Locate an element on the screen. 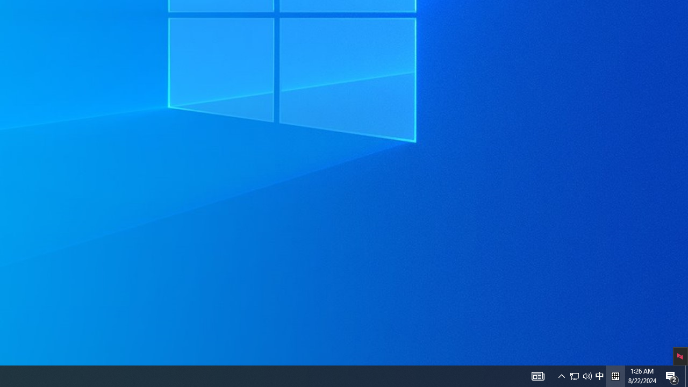 The height and width of the screenshot is (387, 688). 'User Promoted Notification Area' is located at coordinates (574, 375).